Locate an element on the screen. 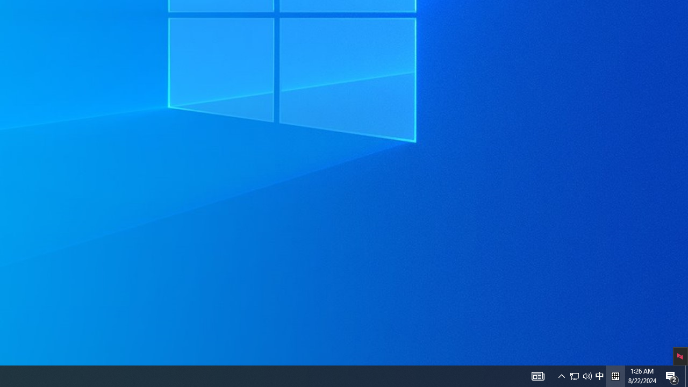 The height and width of the screenshot is (387, 688). 'User Promoted Notification Area' is located at coordinates (574, 375).